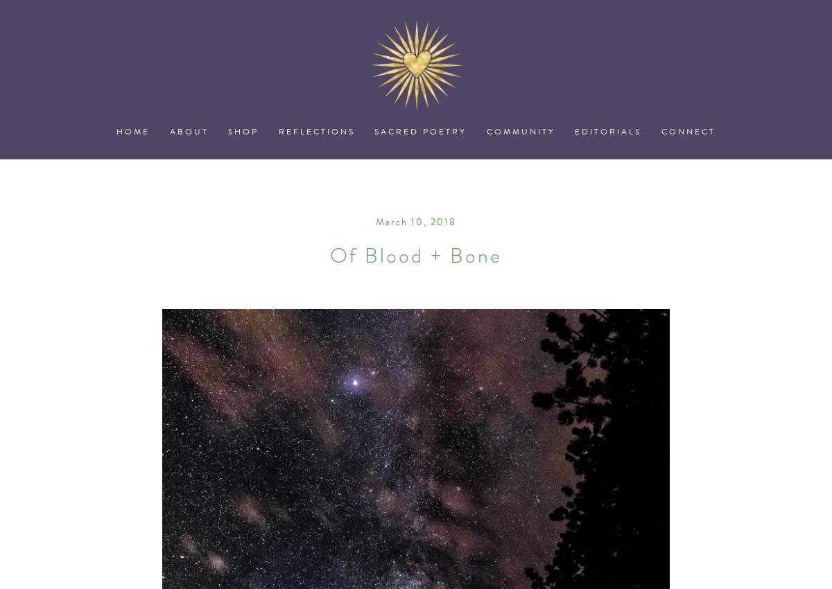 The width and height of the screenshot is (832, 589). I want to click on 'Home', so click(132, 130).